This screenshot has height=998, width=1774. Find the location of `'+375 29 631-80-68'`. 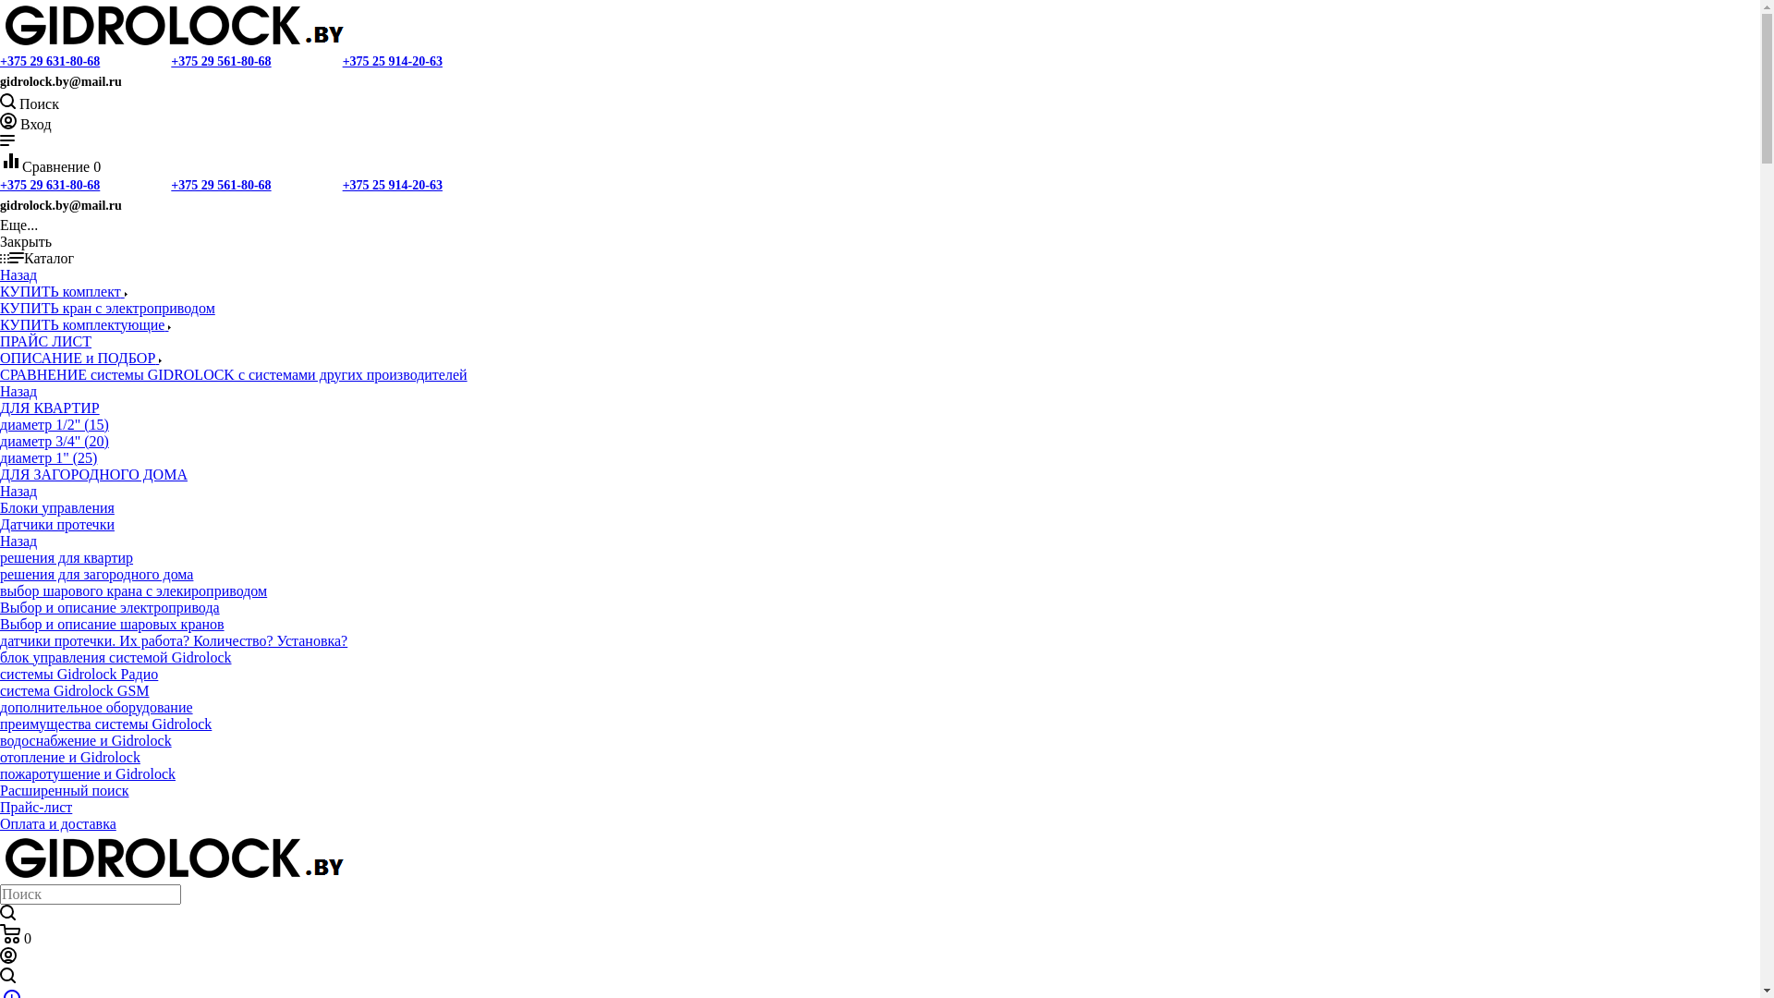

'+375 29 631-80-68' is located at coordinates (49, 185).